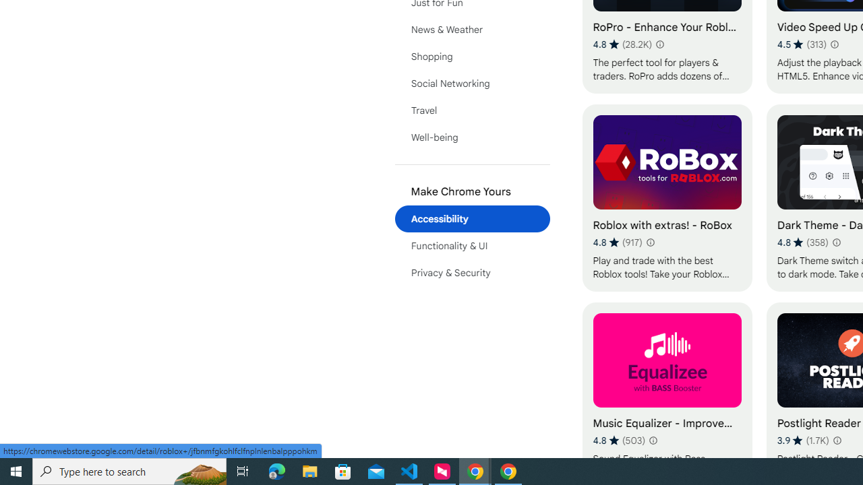  I want to click on 'Travel', so click(472, 110).